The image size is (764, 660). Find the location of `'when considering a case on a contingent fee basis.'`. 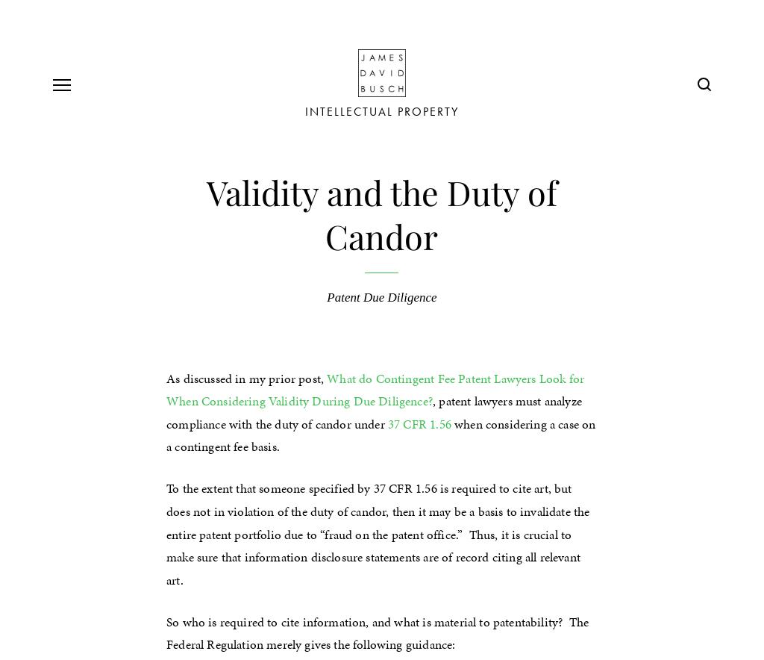

'when considering a case on a contingent fee basis.' is located at coordinates (166, 434).